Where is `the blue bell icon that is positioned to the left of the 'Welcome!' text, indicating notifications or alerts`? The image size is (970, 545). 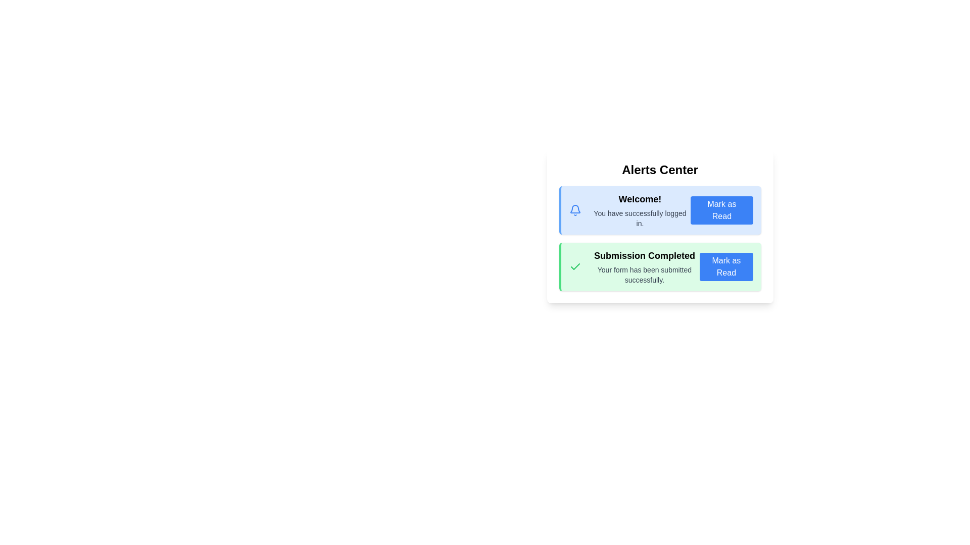 the blue bell icon that is positioned to the left of the 'Welcome!' text, indicating notifications or alerts is located at coordinates (575, 209).